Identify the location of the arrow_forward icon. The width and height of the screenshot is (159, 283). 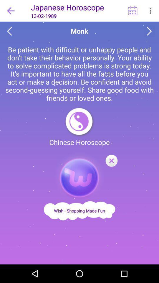
(149, 31).